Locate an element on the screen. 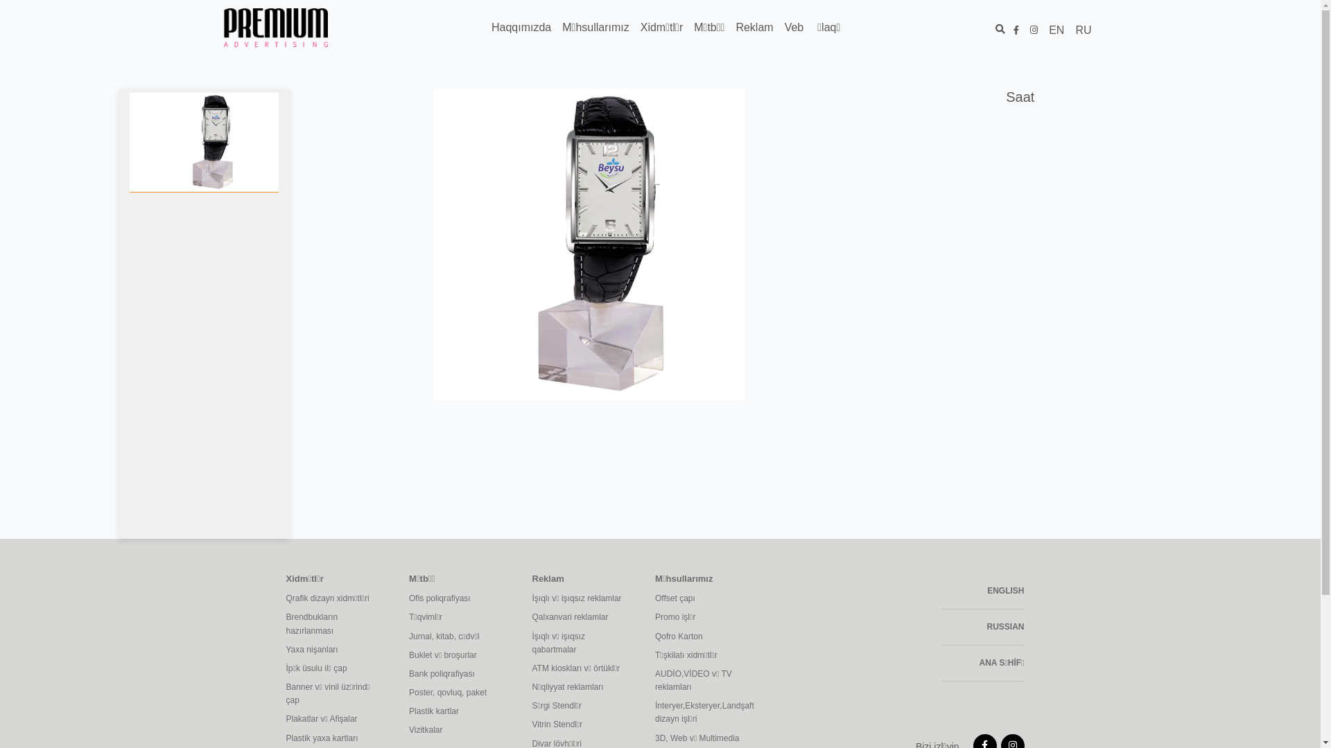 This screenshot has height=748, width=1331. 'RU' is located at coordinates (1082, 30).